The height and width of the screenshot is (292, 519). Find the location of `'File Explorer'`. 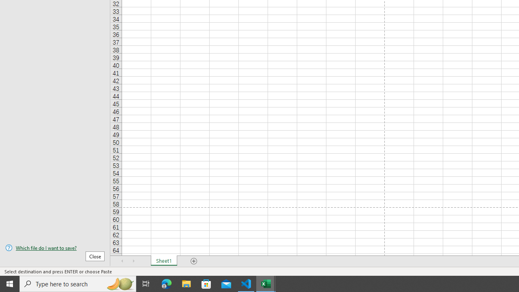

'File Explorer' is located at coordinates (186, 283).